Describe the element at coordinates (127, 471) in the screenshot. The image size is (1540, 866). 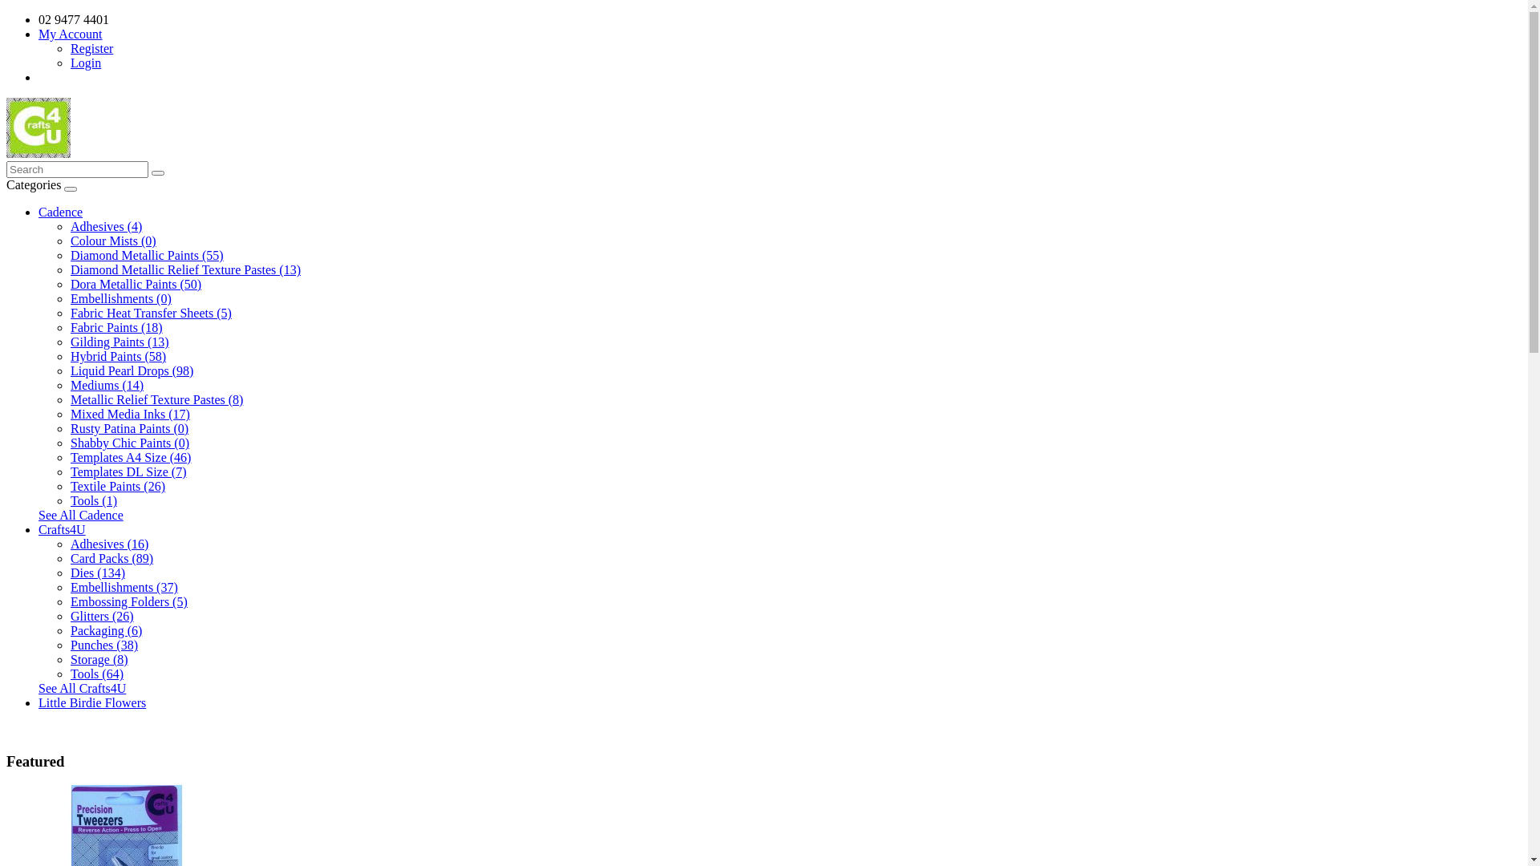
I see `'Templates DL Size (7)'` at that location.